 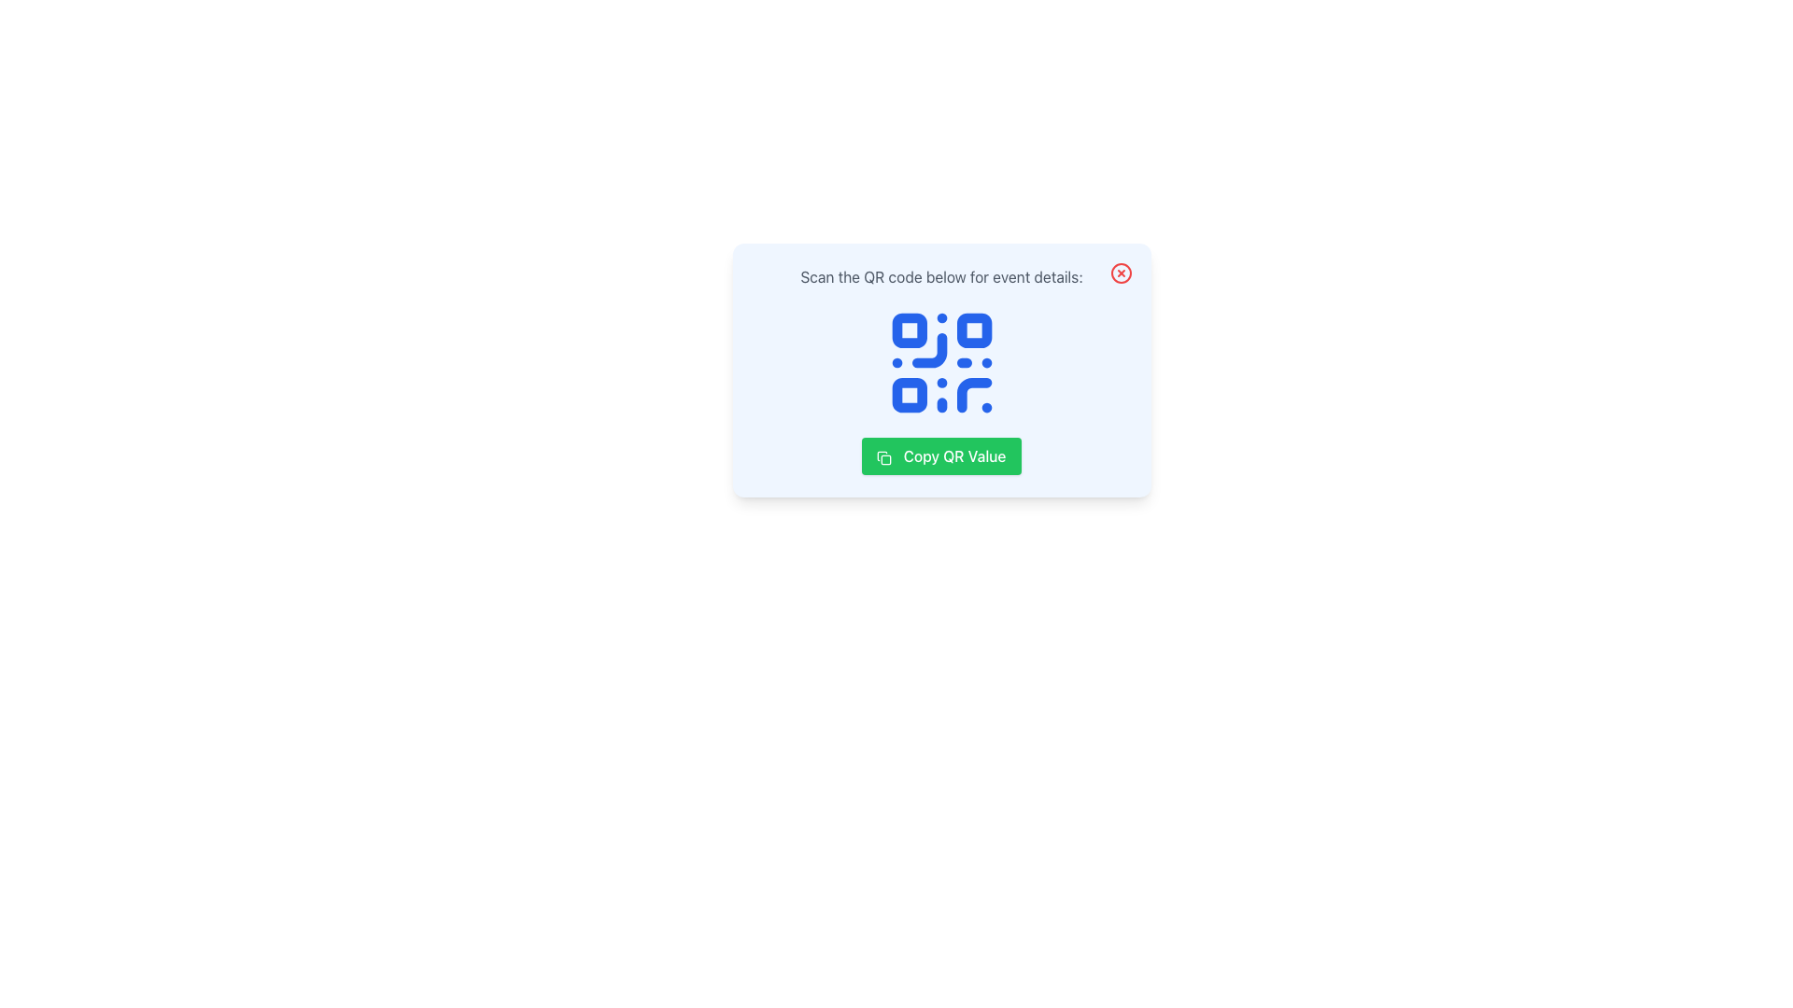 I want to click on the small blue square with rounded corners located within the QR code icon in the modal dialog, specifically the second square from the left in the top row of smaller squares, so click(x=973, y=329).